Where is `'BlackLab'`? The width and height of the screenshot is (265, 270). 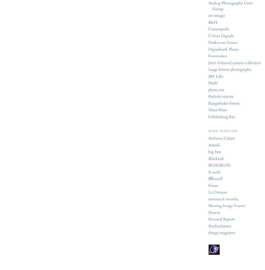 'BlackLab' is located at coordinates (208, 158).